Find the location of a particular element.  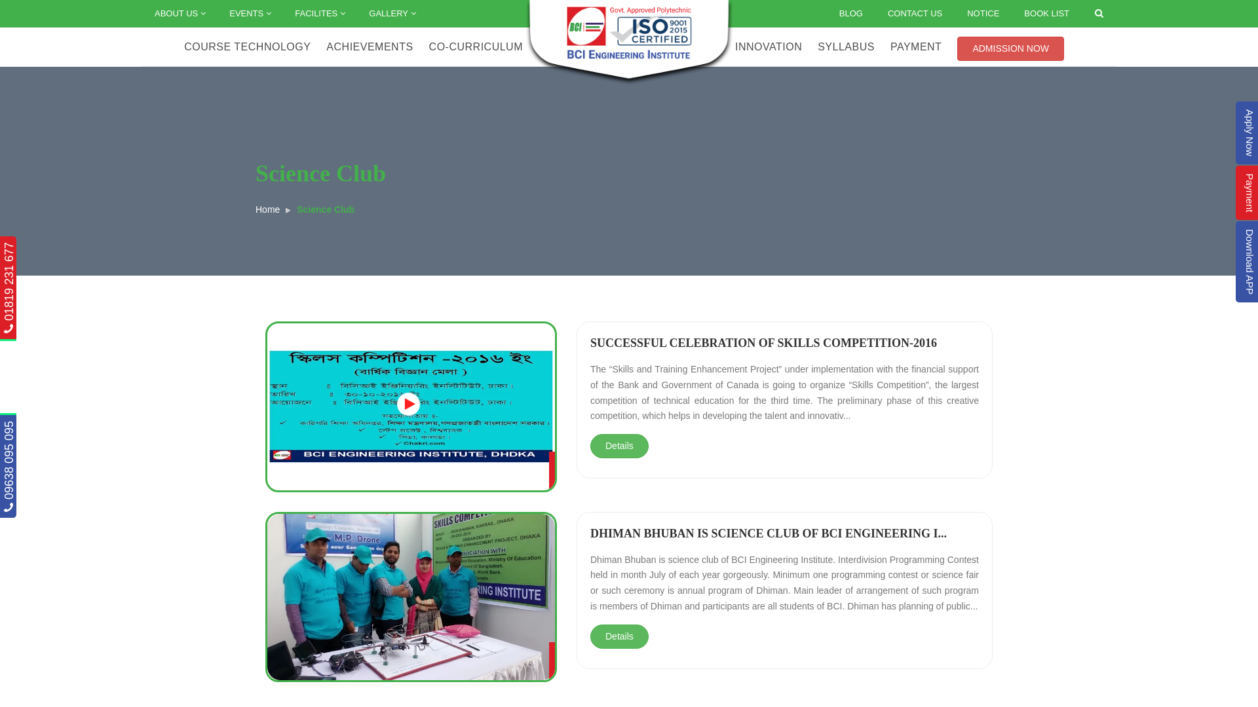

'Details' is located at coordinates (619, 445).